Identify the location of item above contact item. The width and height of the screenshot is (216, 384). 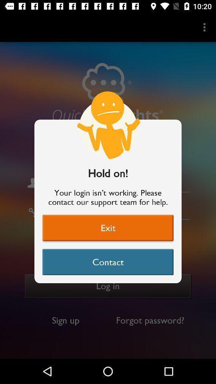
(108, 228).